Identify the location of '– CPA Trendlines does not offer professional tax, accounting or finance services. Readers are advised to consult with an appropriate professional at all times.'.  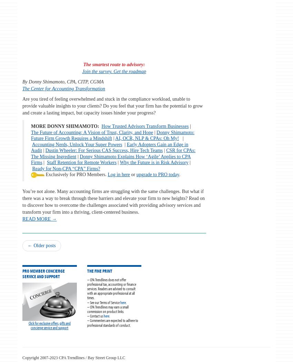
(111, 288).